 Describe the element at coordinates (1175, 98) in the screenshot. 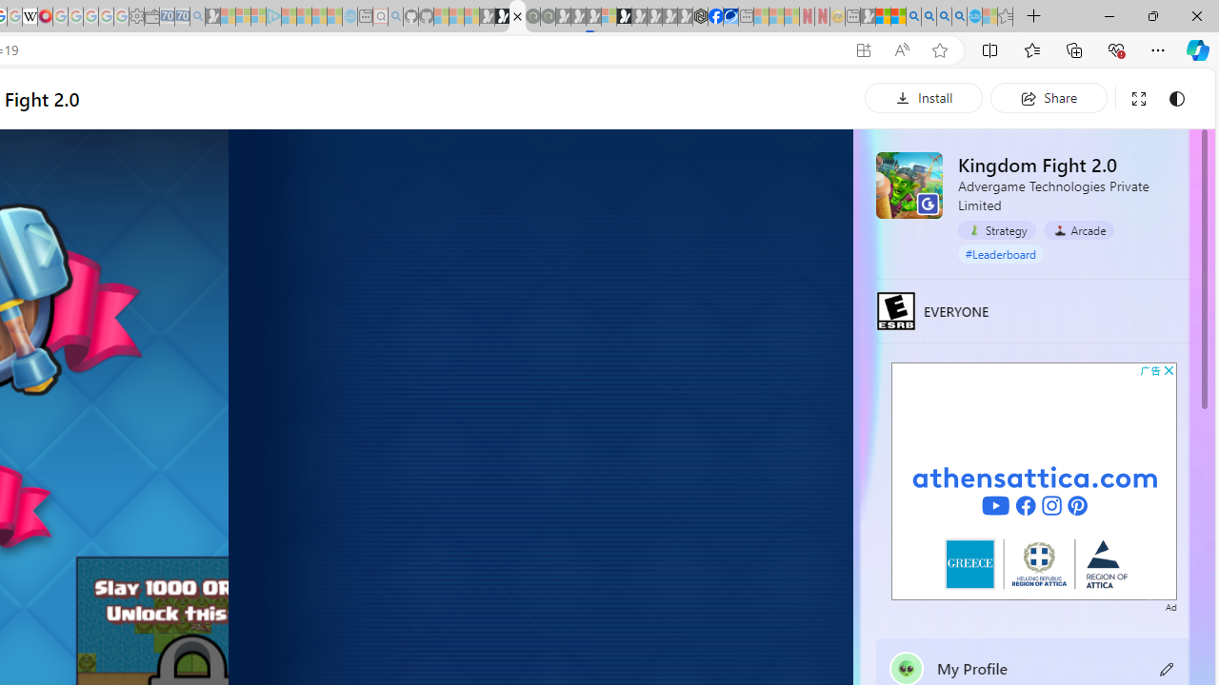

I see `'Change to dark mode'` at that location.